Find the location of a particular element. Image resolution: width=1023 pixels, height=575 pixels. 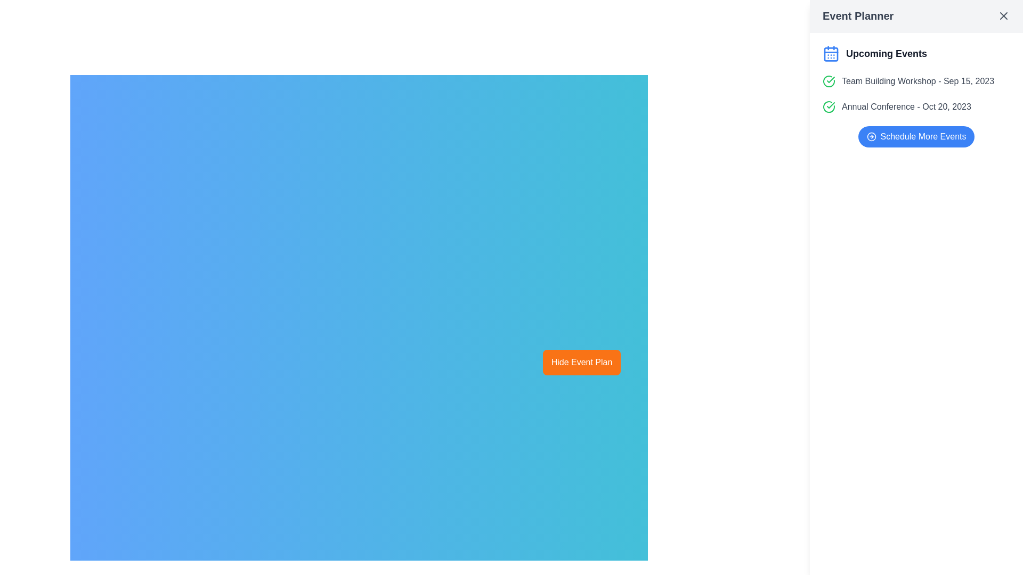

calendar icon located to the left of the 'Upcoming Events' heading in the right sidebar for further interactions is located at coordinates (831, 53).